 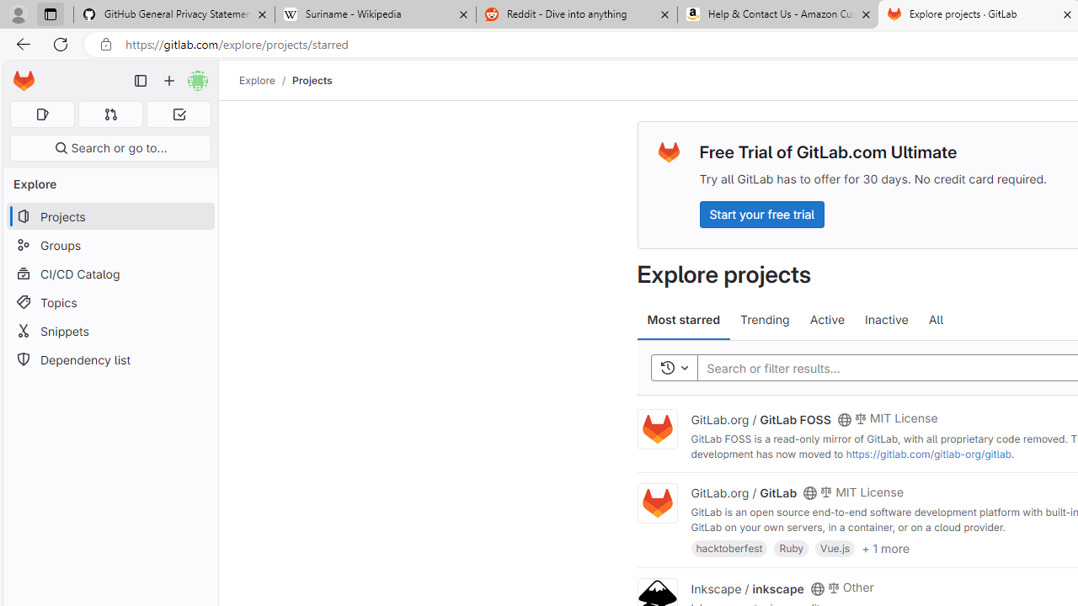 What do you see at coordinates (141, 81) in the screenshot?
I see `'Primary navigation sidebar'` at bounding box center [141, 81].